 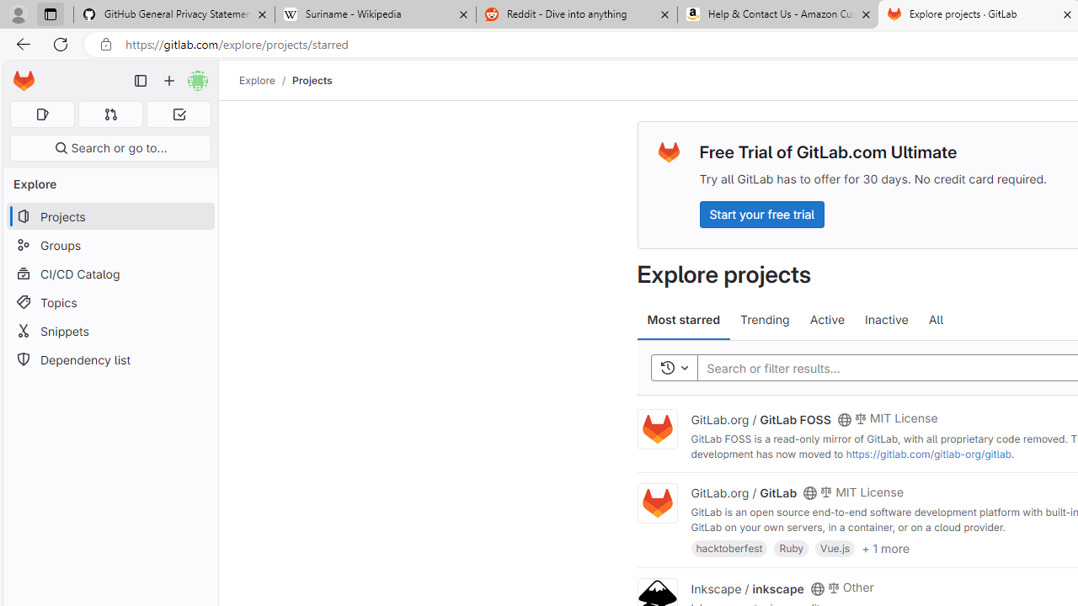 What do you see at coordinates (141, 81) in the screenshot?
I see `'Primary navigation sidebar'` at bounding box center [141, 81].